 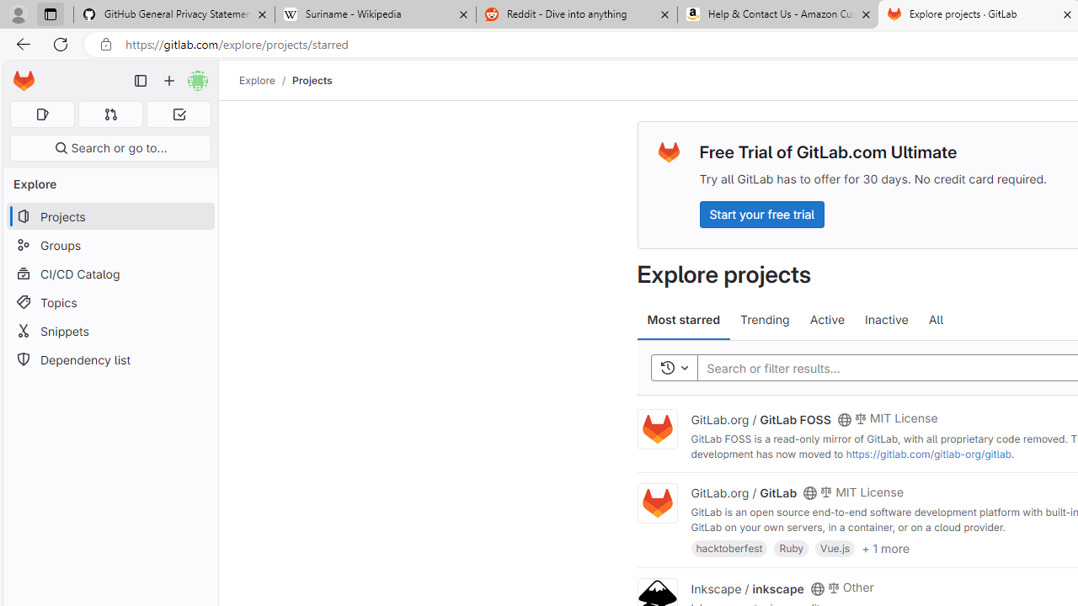 What do you see at coordinates (141, 81) in the screenshot?
I see `'Primary navigation sidebar'` at bounding box center [141, 81].